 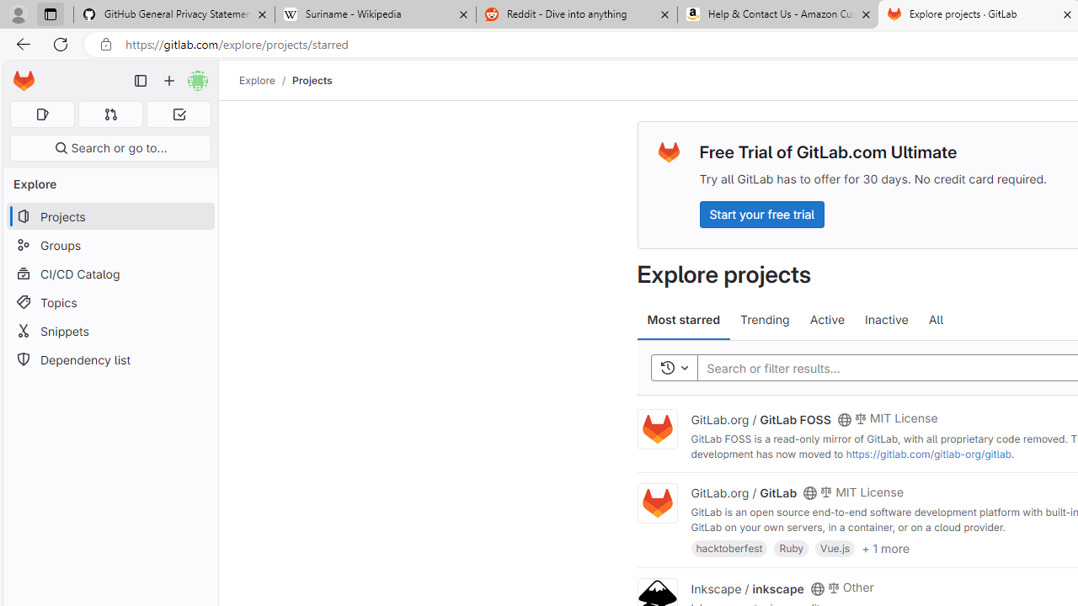 What do you see at coordinates (141, 81) in the screenshot?
I see `'Primary navigation sidebar'` at bounding box center [141, 81].